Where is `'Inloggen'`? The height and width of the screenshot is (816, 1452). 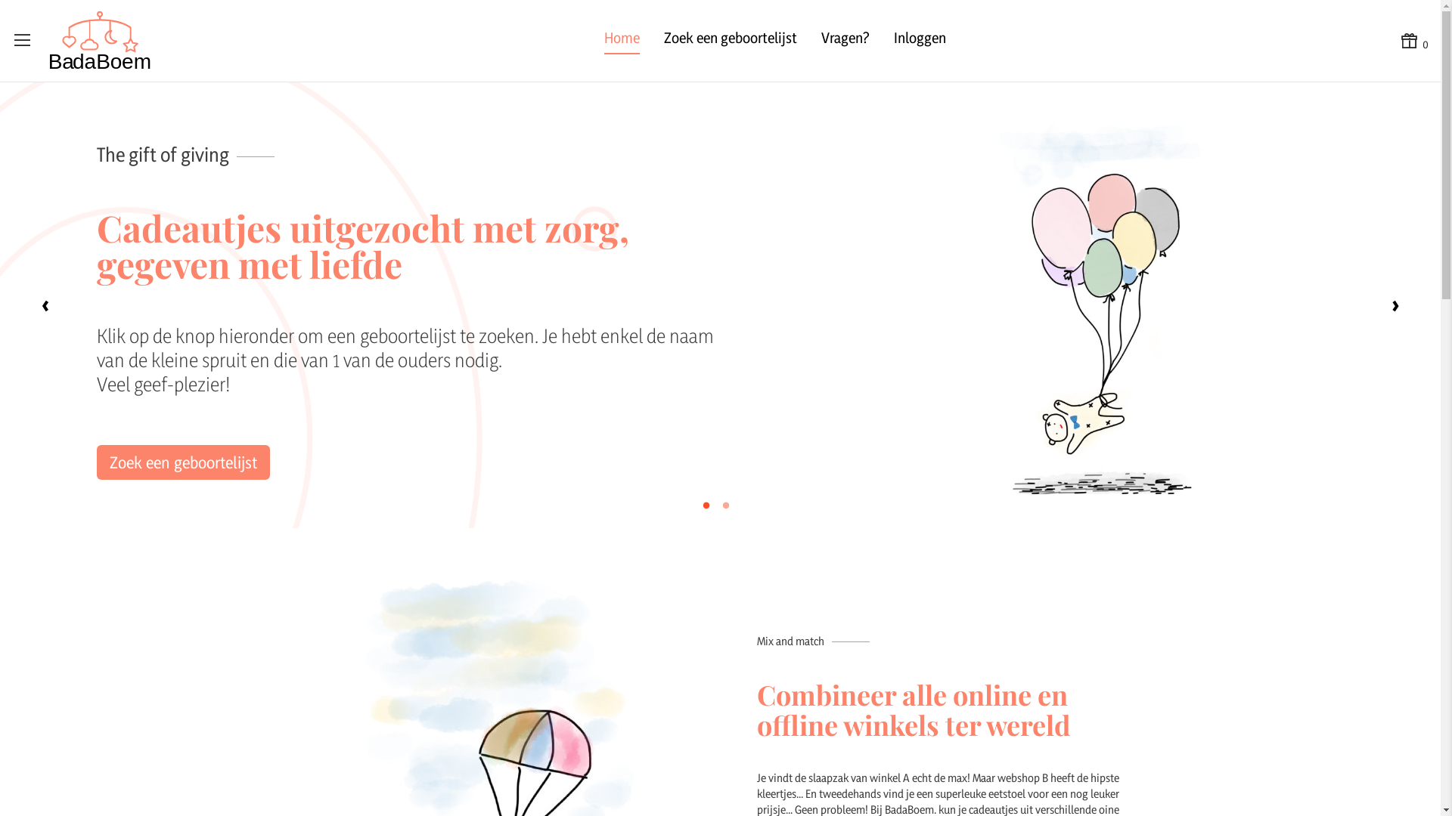
'Inloggen' is located at coordinates (919, 40).